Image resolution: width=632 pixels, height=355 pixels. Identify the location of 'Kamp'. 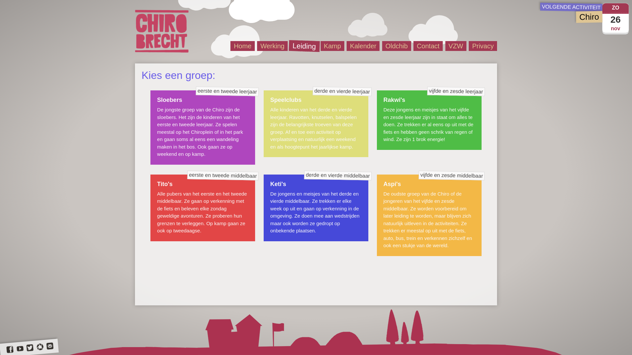
(332, 45).